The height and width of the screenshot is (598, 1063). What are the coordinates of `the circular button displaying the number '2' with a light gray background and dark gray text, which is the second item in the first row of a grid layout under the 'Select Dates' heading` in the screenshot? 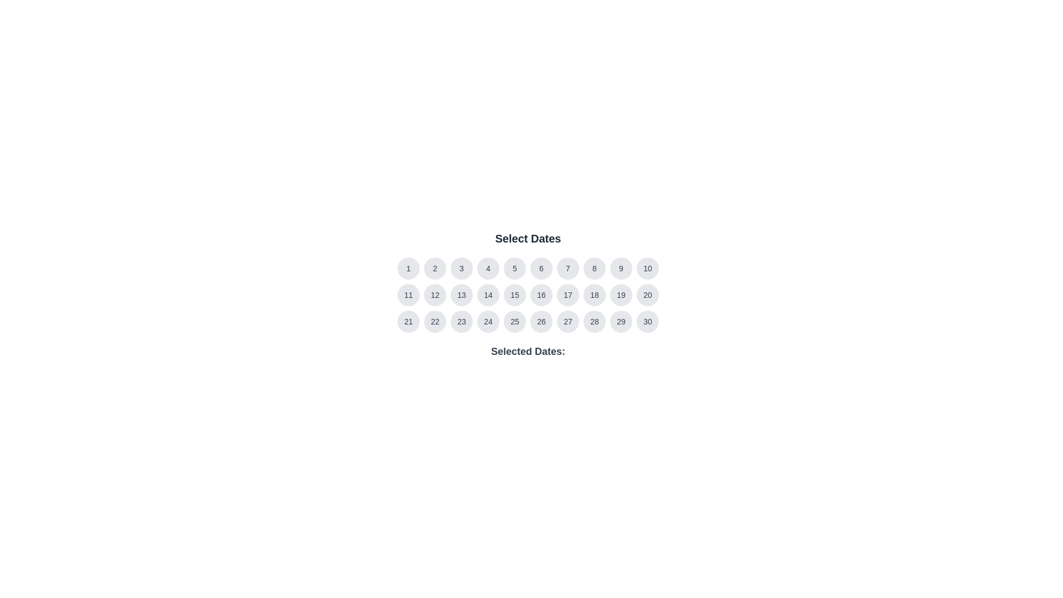 It's located at (435, 269).